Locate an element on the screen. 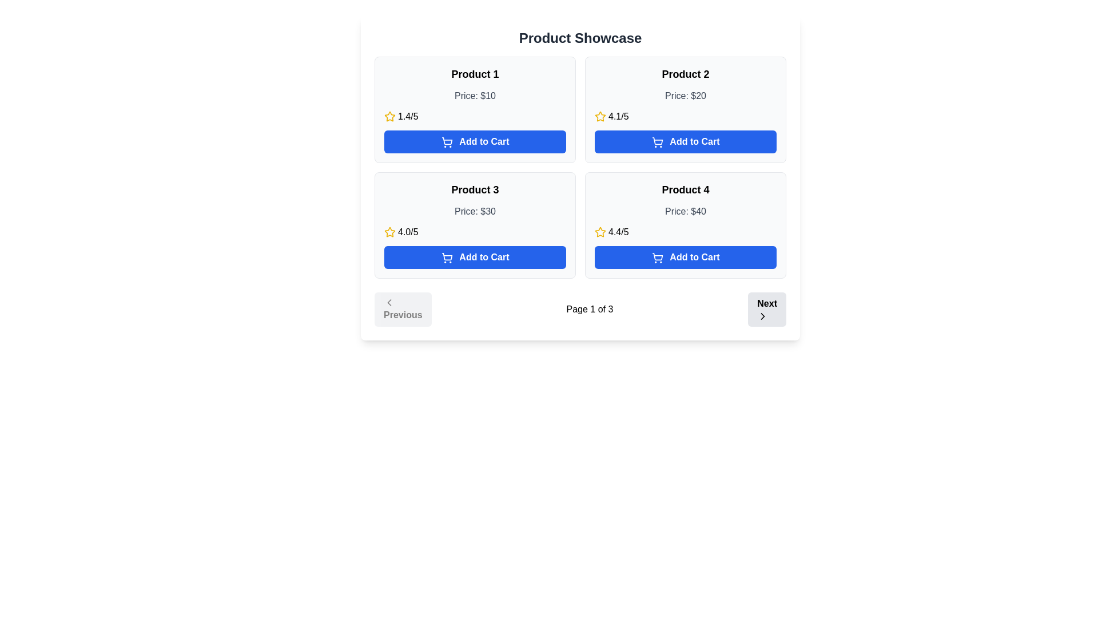  the text label displaying 'Product 1' located at the top section of the bordered card in the first row, first column of the grid layout is located at coordinates (475, 74).